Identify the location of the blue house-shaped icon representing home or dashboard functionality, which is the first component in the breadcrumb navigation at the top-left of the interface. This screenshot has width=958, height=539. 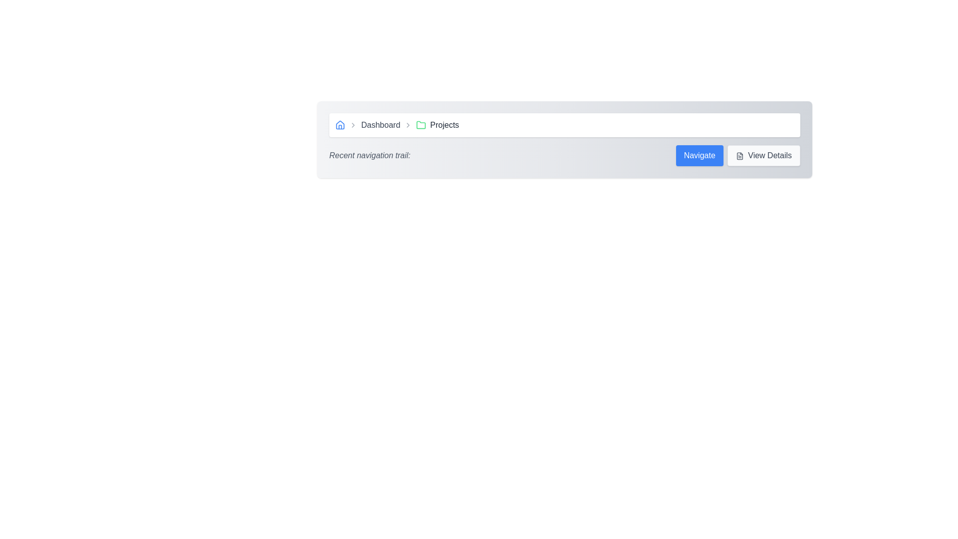
(340, 124).